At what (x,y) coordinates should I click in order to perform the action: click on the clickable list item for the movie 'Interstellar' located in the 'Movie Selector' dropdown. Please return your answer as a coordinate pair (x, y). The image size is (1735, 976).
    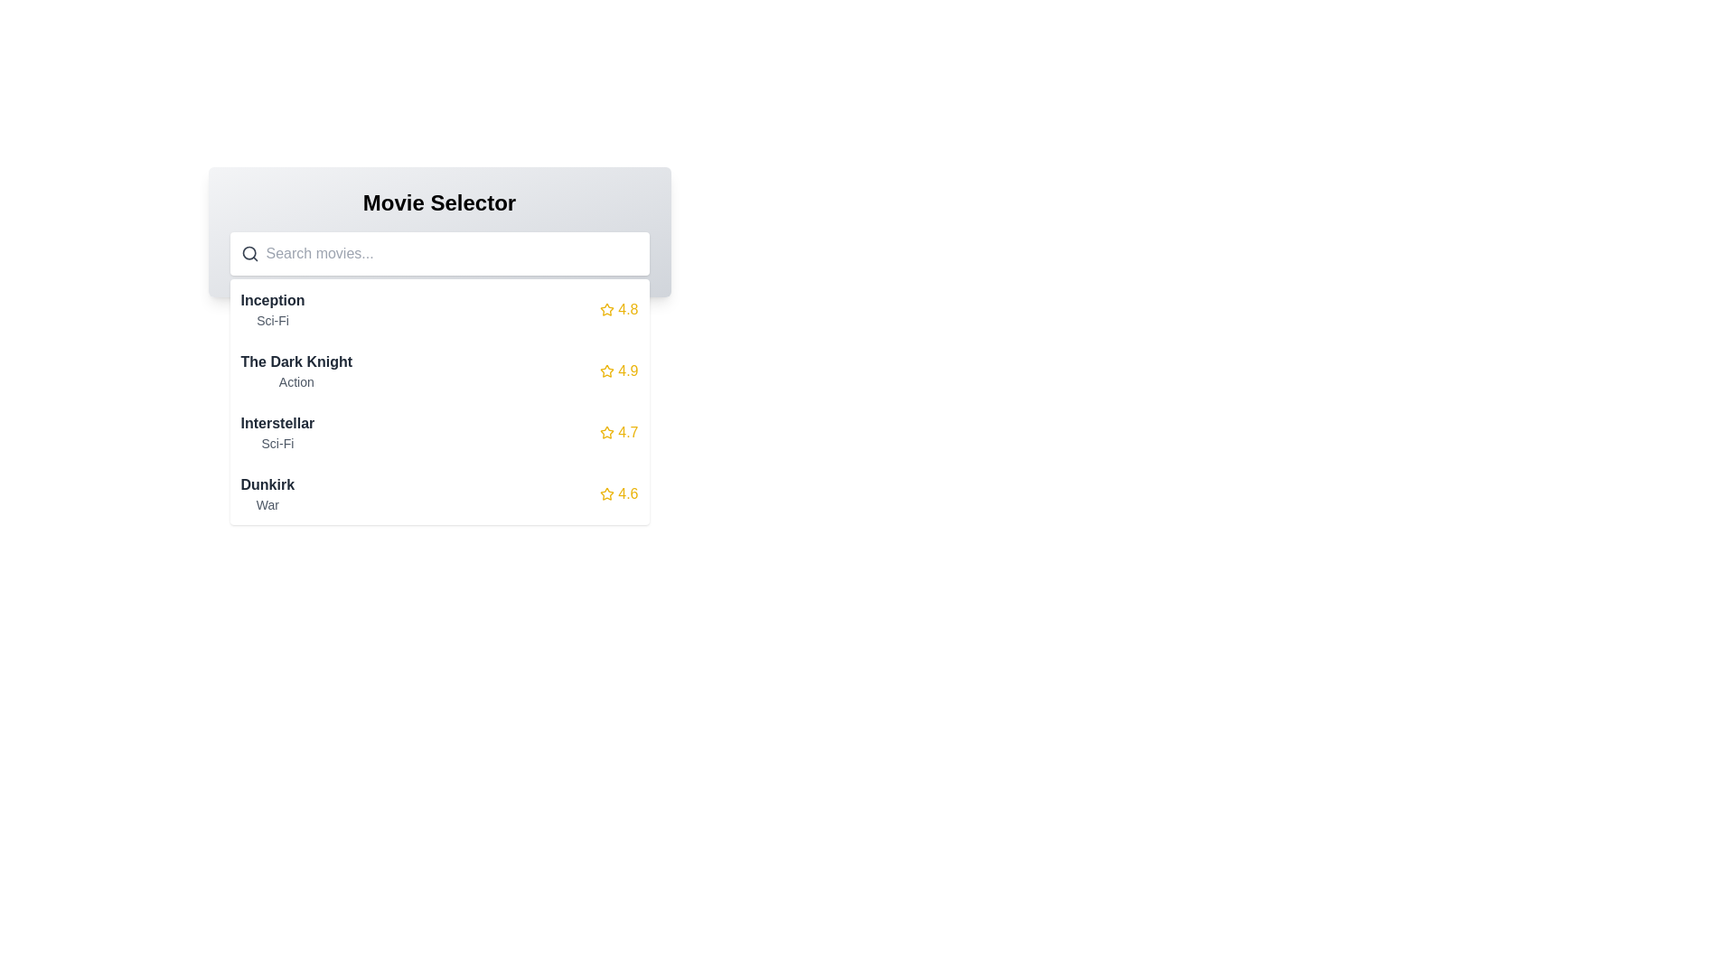
    Looking at the image, I should click on (439, 432).